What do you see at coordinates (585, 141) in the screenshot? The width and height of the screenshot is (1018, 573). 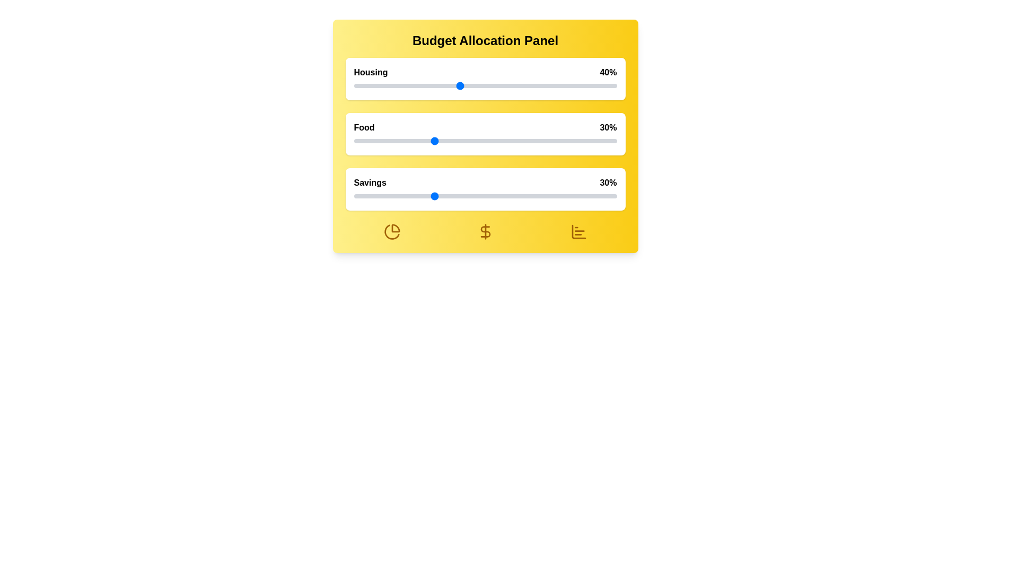 I see `the slider` at bounding box center [585, 141].